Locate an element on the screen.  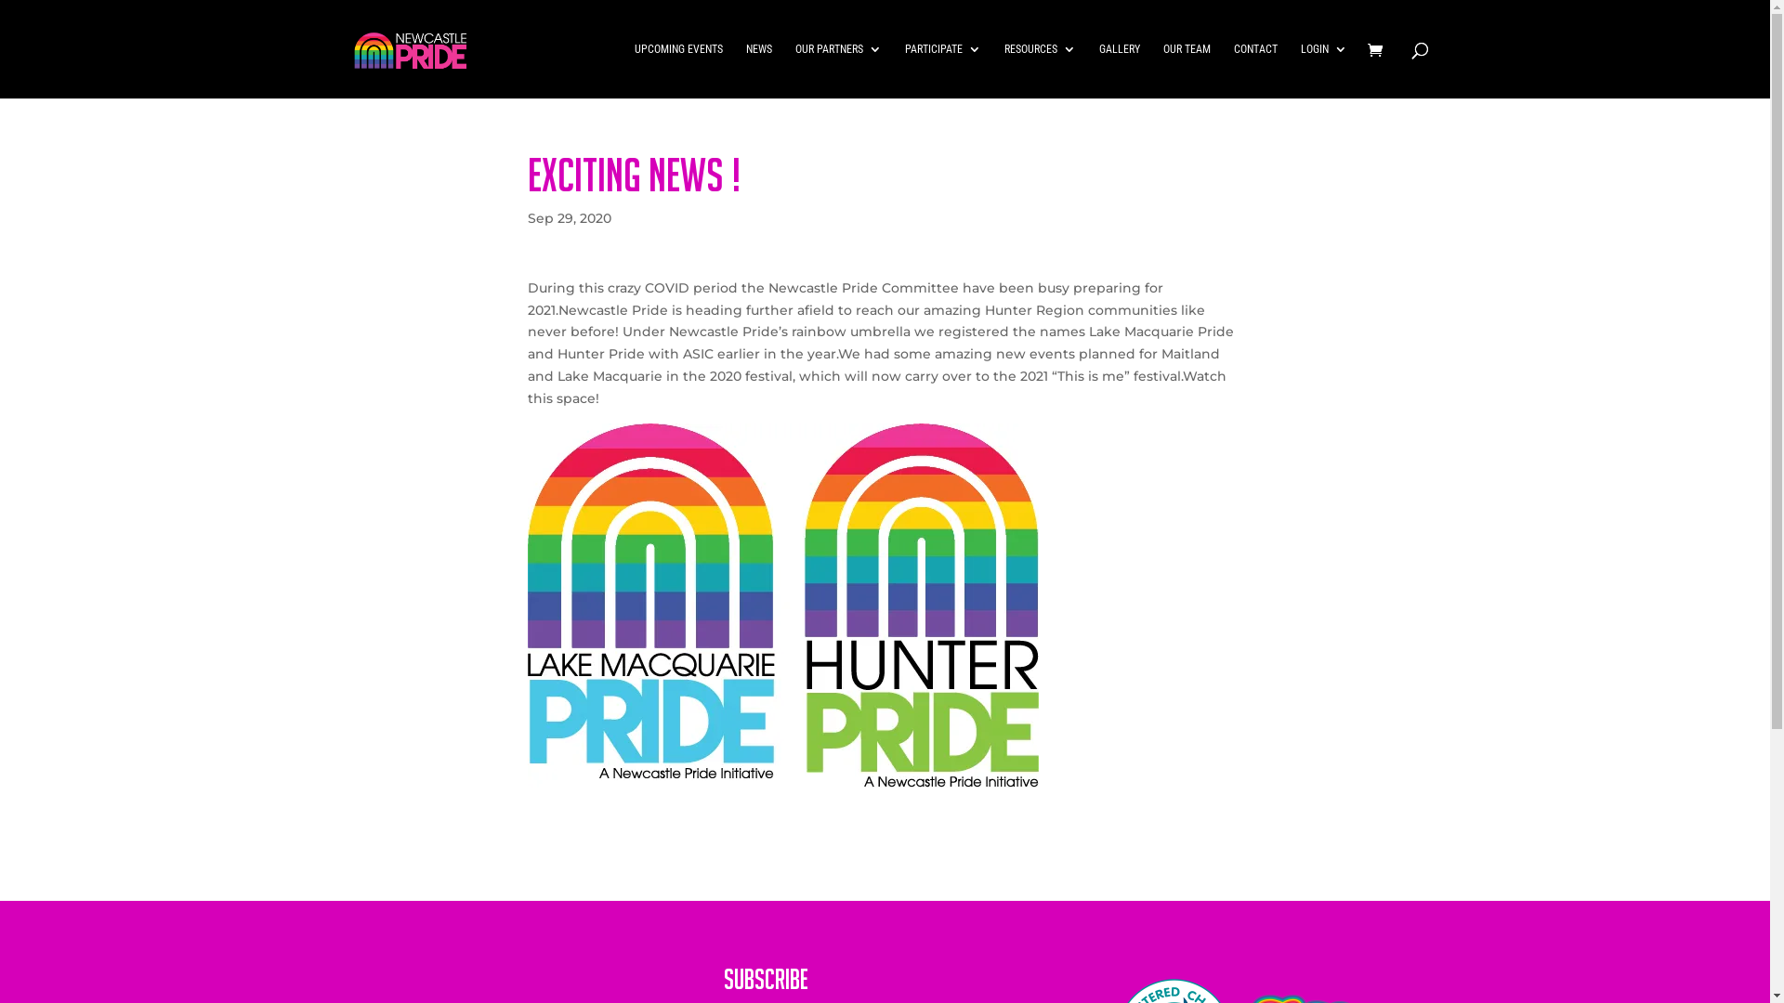
'OUR PARTNERS' is located at coordinates (837, 70).